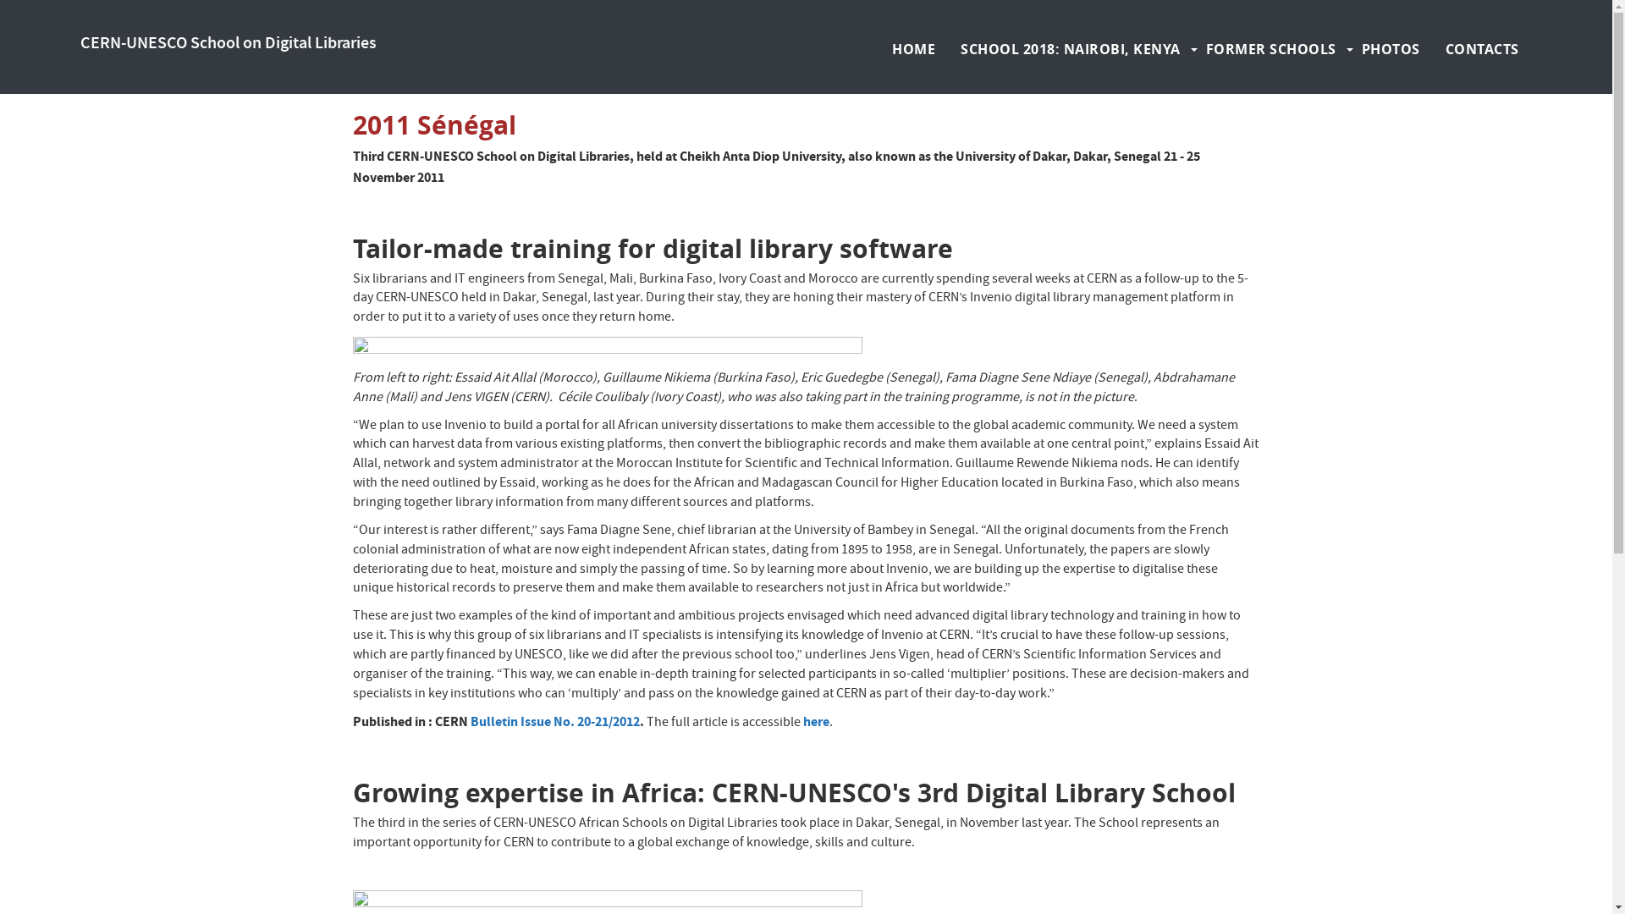  I want to click on 'CERN-UNESCO School on Digital Libraries', so click(227, 43).